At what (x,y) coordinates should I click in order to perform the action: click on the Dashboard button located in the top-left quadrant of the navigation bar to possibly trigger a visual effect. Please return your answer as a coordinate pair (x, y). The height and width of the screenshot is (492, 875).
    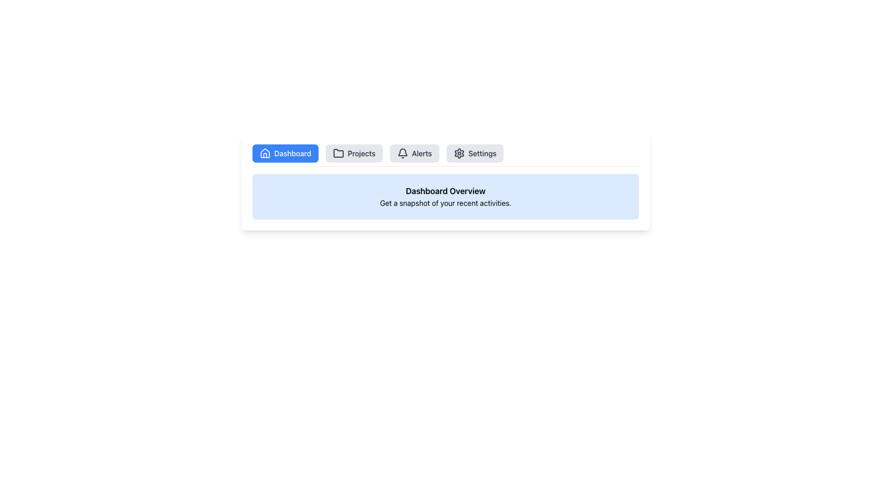
    Looking at the image, I should click on (285, 153).